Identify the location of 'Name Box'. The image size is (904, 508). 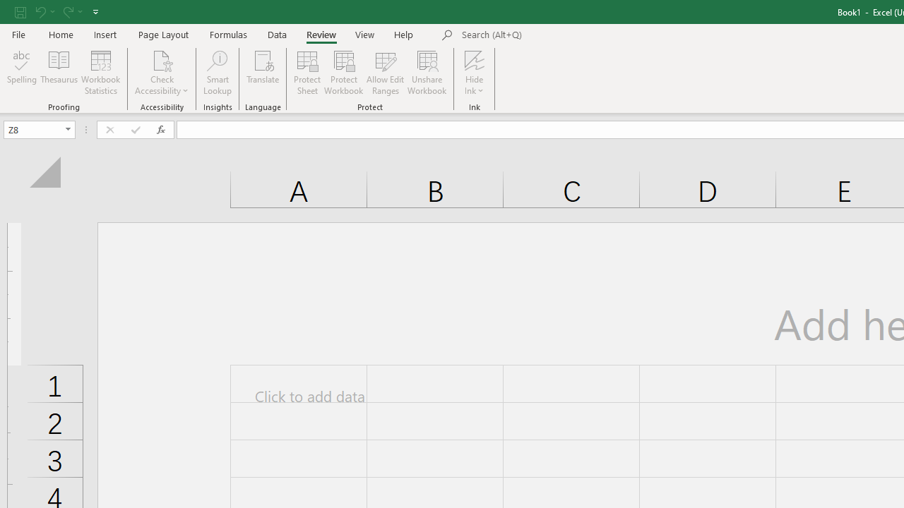
(33, 129).